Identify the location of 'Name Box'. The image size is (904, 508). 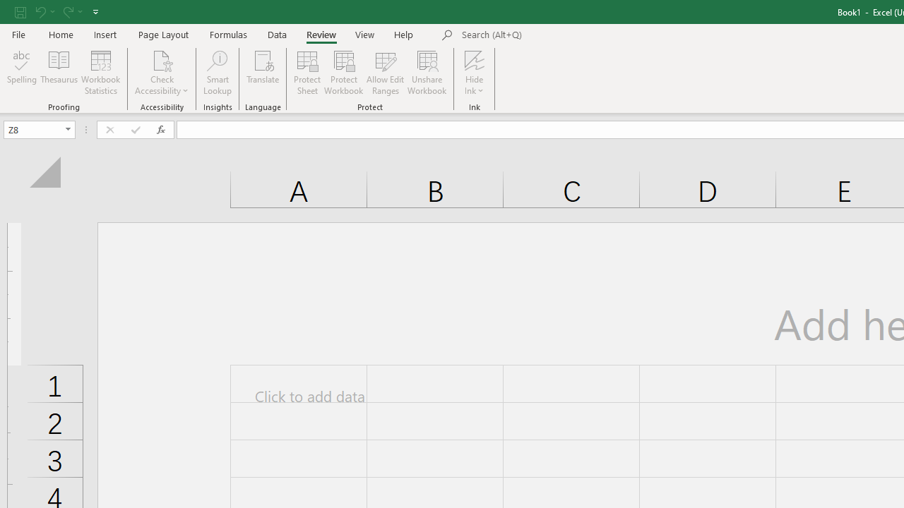
(33, 129).